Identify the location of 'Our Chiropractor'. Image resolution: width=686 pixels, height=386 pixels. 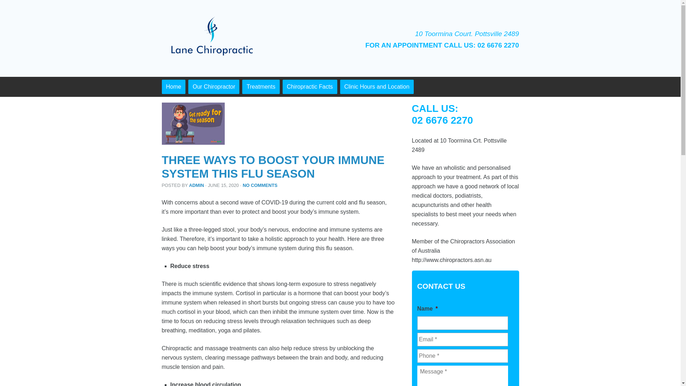
(213, 86).